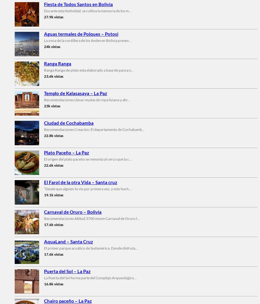 The width and height of the screenshot is (260, 304). I want to click on 'La Puerta del Sol forma parte del Complejo Arqueológico...', so click(90, 277).